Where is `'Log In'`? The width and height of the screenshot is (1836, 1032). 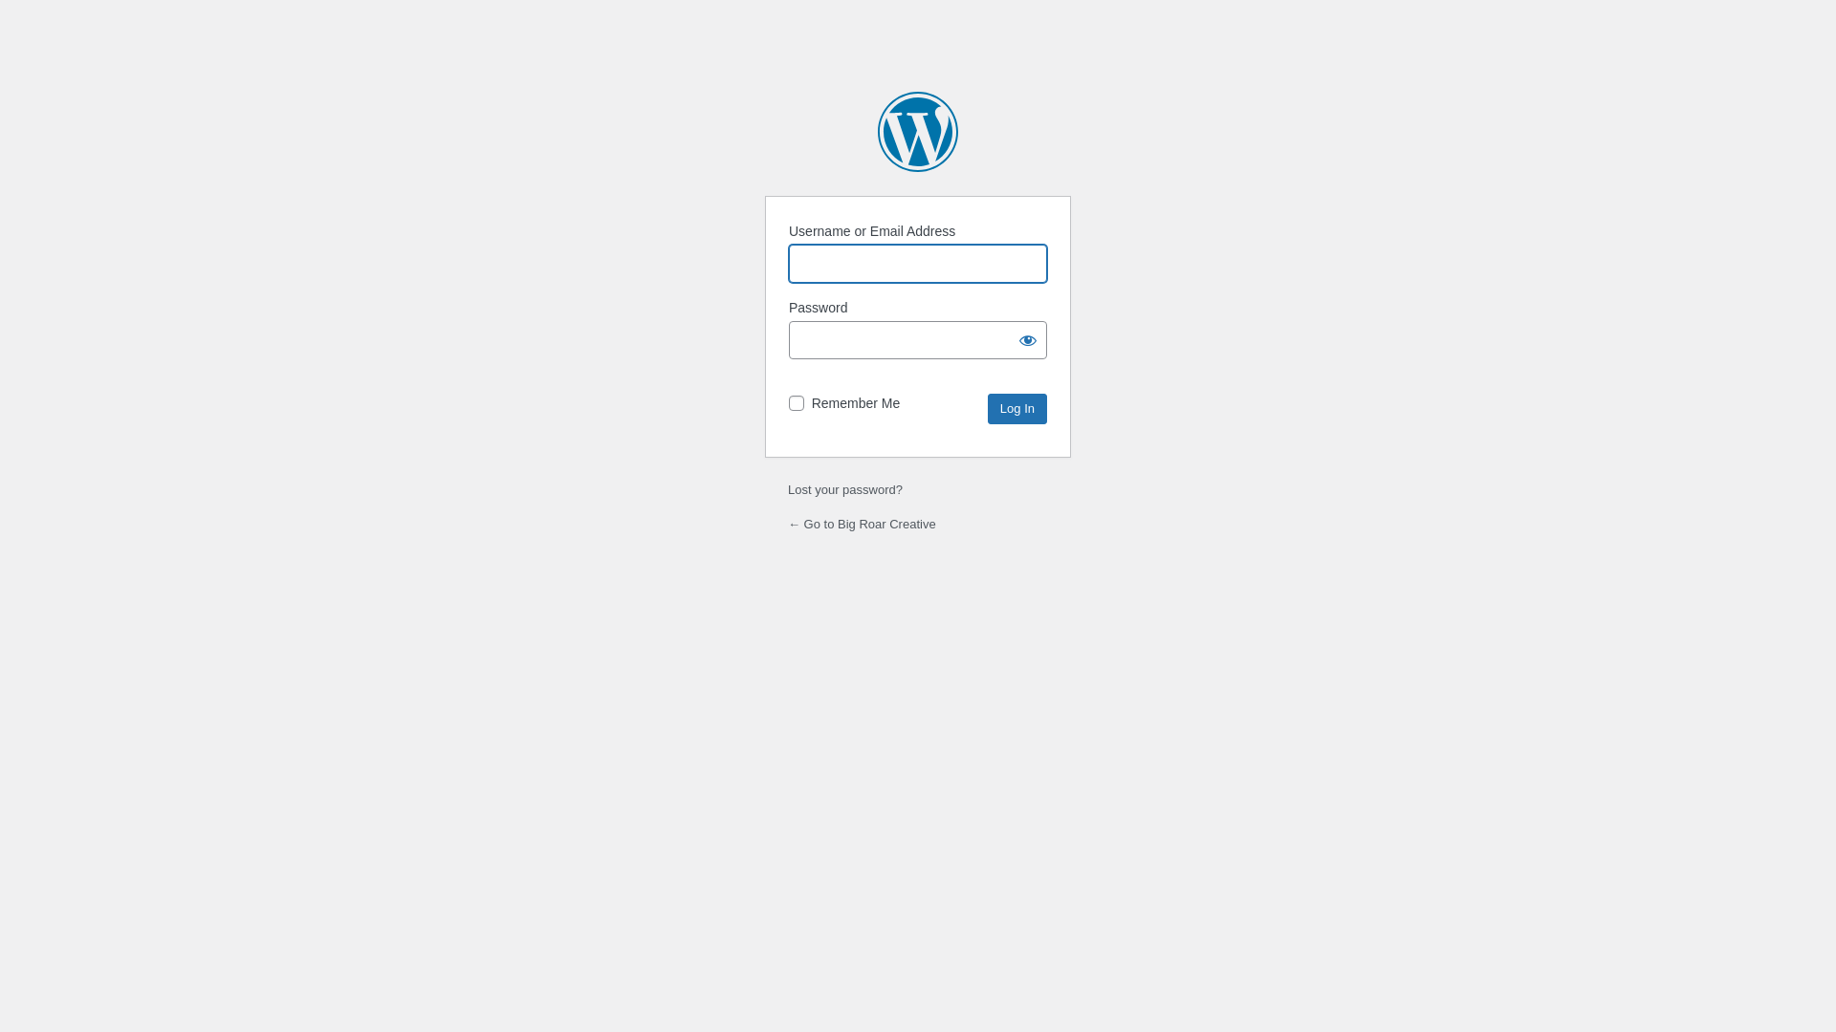 'Log In' is located at coordinates (1016, 408).